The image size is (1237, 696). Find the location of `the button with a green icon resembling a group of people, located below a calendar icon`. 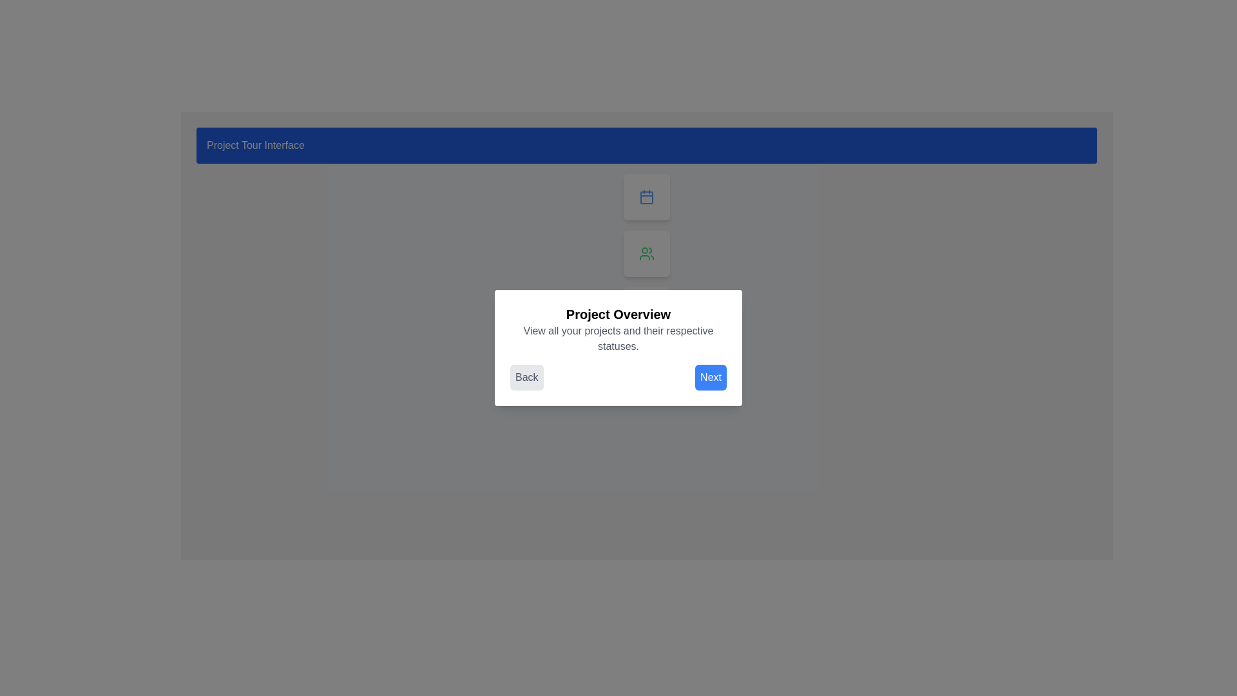

the button with a green icon resembling a group of people, located below a calendar icon is located at coordinates (646, 253).